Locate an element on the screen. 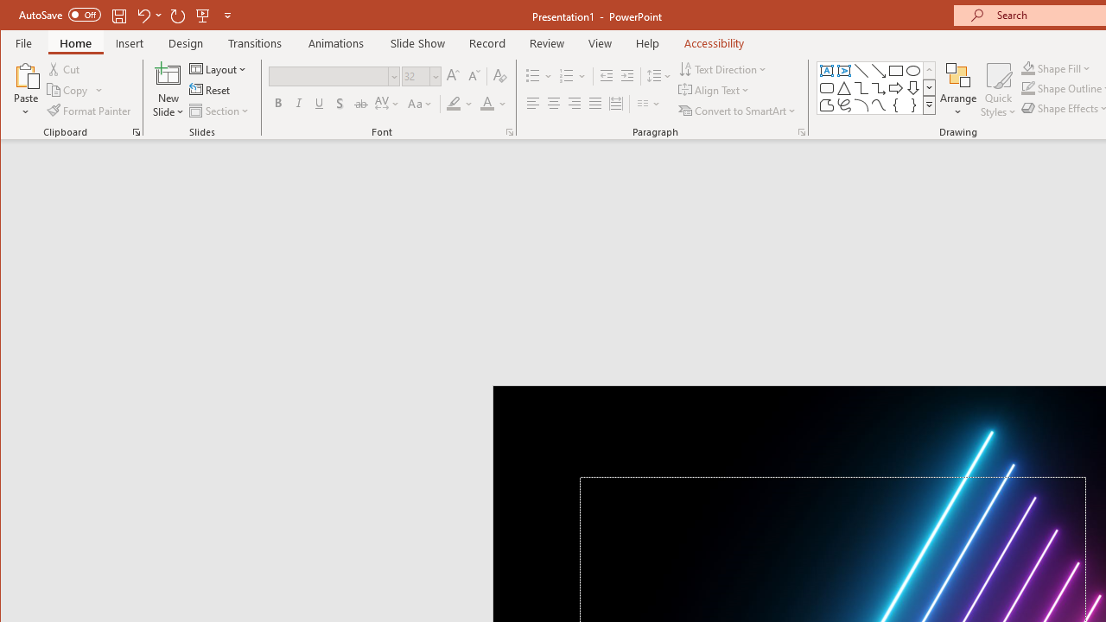 Image resolution: width=1106 pixels, height=622 pixels. 'Change Case' is located at coordinates (421, 104).